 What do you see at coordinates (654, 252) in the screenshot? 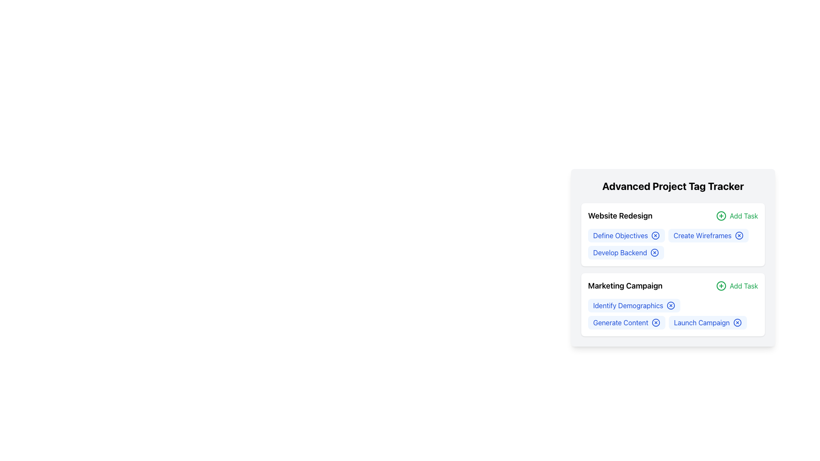
I see `the third close icon button associated with the 'Develop Backend' task` at bounding box center [654, 252].